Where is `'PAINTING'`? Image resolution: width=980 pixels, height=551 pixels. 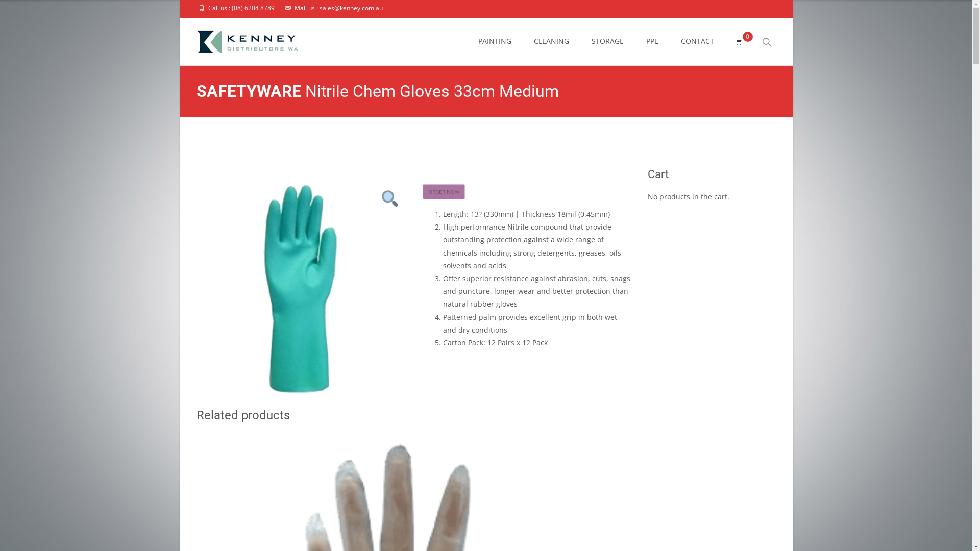
'PAINTING' is located at coordinates (494, 41).